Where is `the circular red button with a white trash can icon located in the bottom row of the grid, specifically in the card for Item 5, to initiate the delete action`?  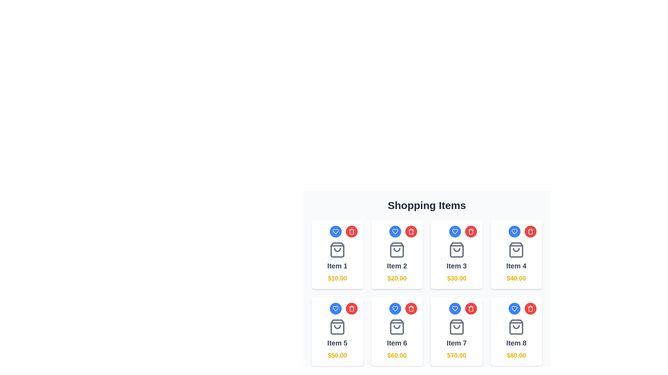 the circular red button with a white trash can icon located in the bottom row of the grid, specifically in the card for Item 5, to initiate the delete action is located at coordinates (351, 308).